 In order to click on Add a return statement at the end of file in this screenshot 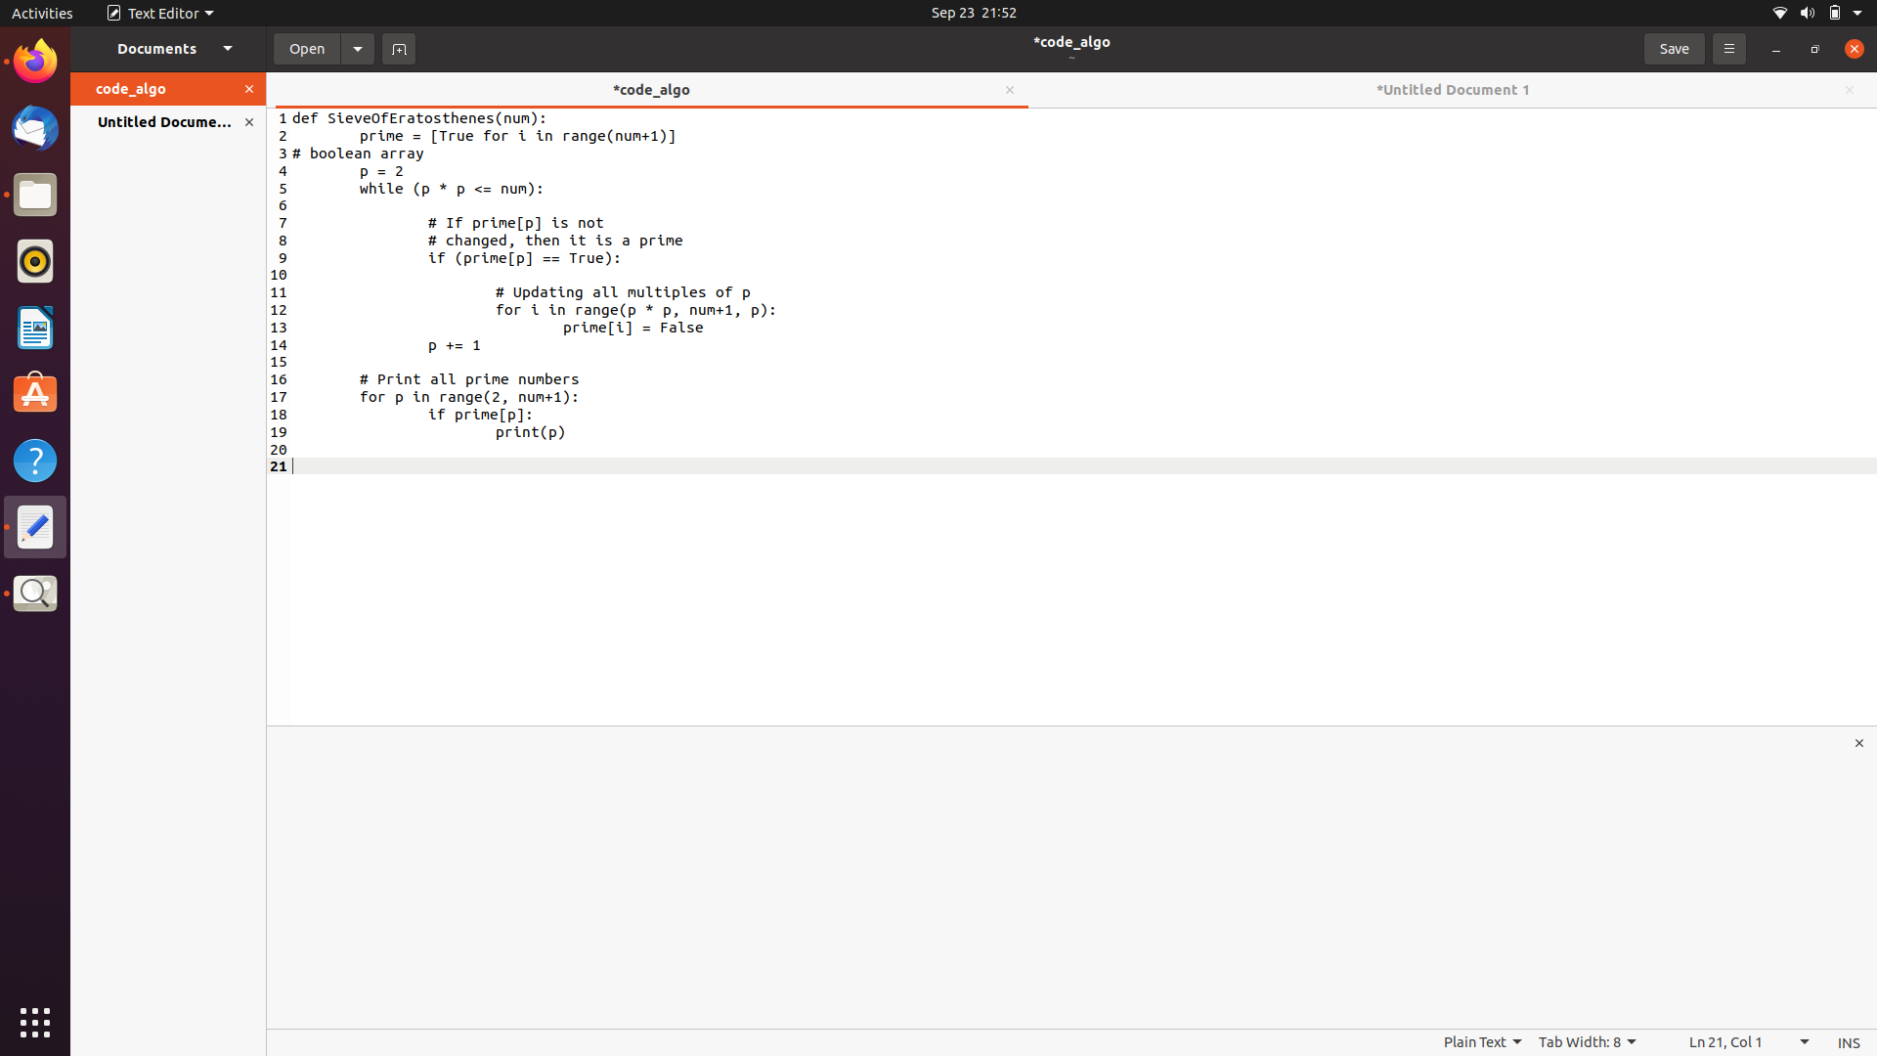, I will do `click(1082, 591)`.